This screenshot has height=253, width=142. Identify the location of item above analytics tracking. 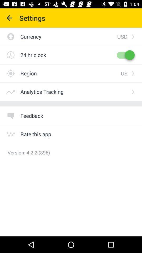
(70, 73).